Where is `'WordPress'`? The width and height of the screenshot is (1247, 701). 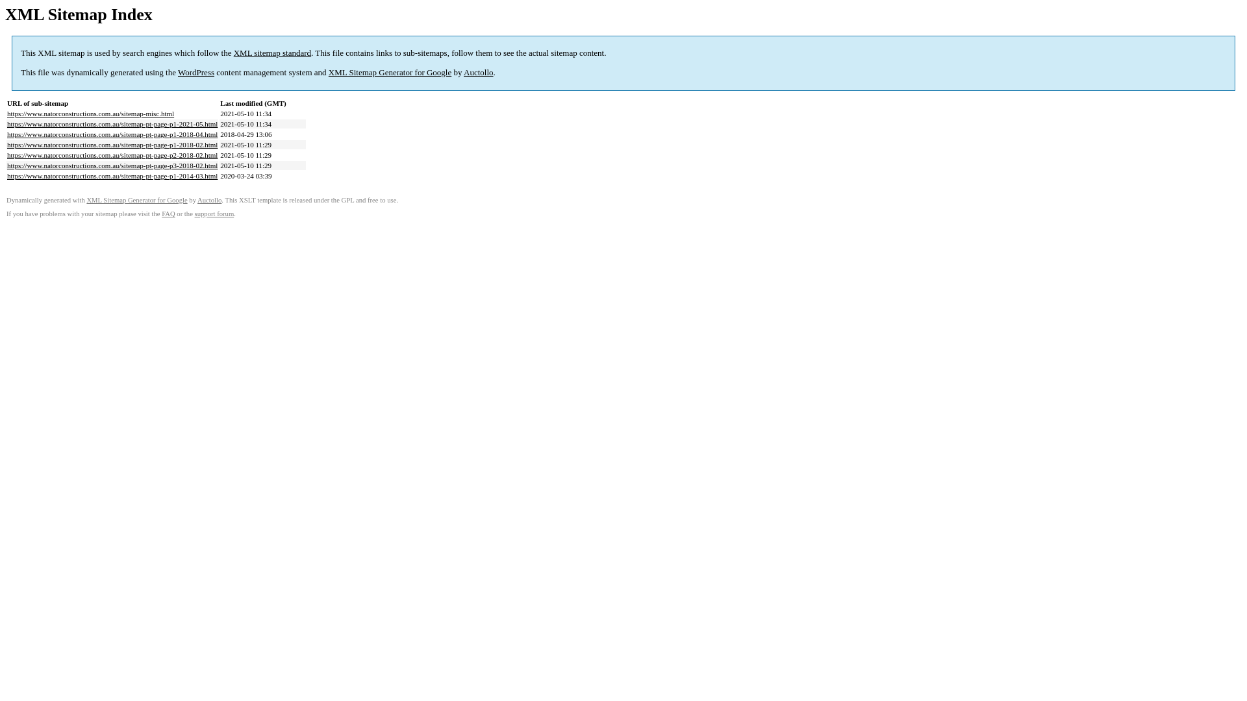 'WordPress' is located at coordinates (195, 72).